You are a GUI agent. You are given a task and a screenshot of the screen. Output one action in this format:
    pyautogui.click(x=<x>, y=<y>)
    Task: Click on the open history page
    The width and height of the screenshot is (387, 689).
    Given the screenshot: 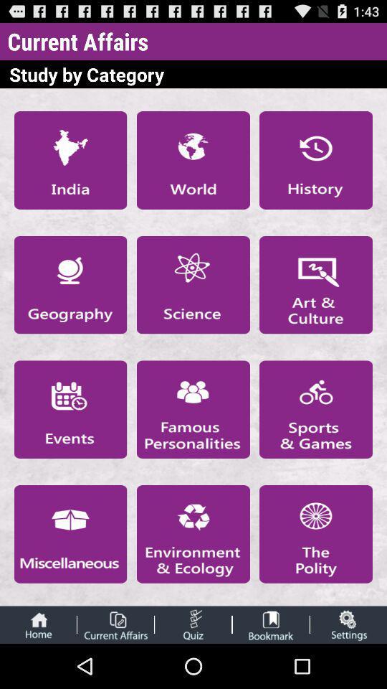 What is the action you would take?
    pyautogui.click(x=316, y=160)
    